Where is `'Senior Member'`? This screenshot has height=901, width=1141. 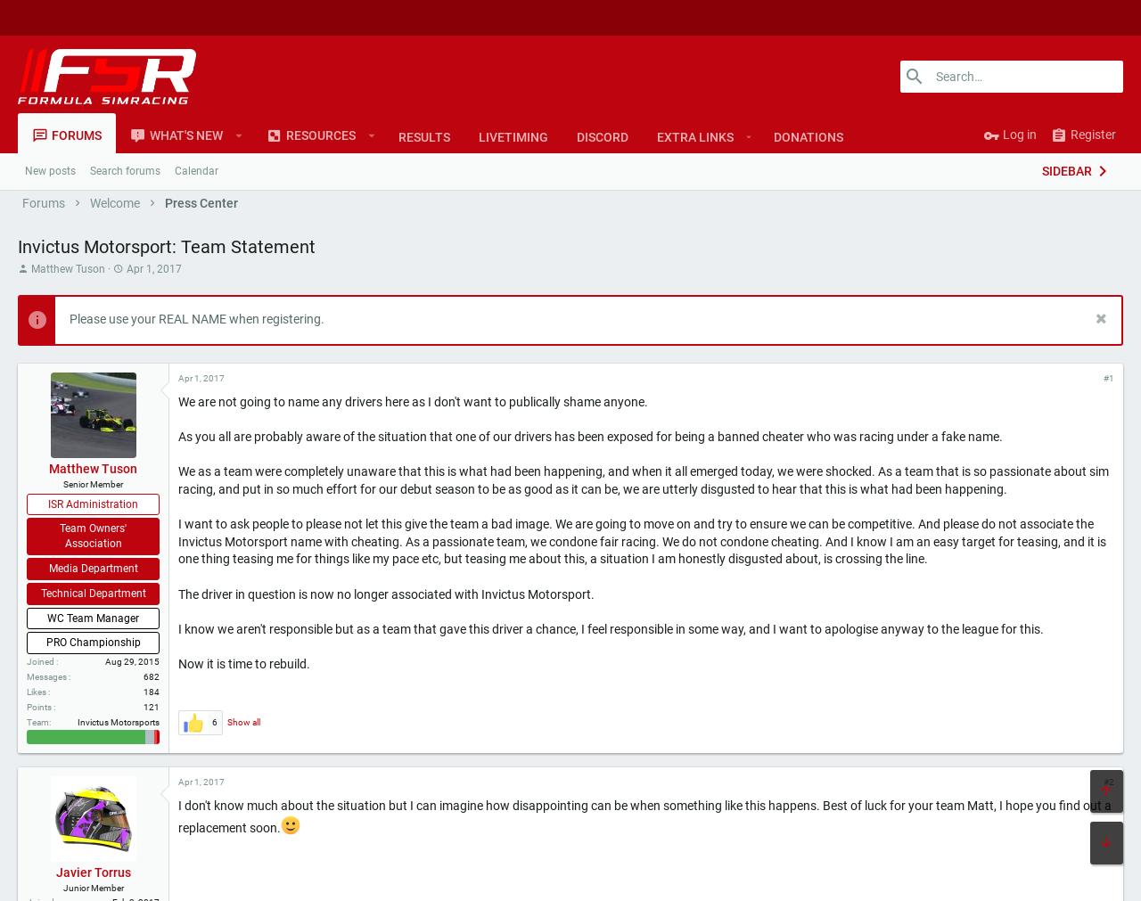 'Senior Member' is located at coordinates (63, 483).